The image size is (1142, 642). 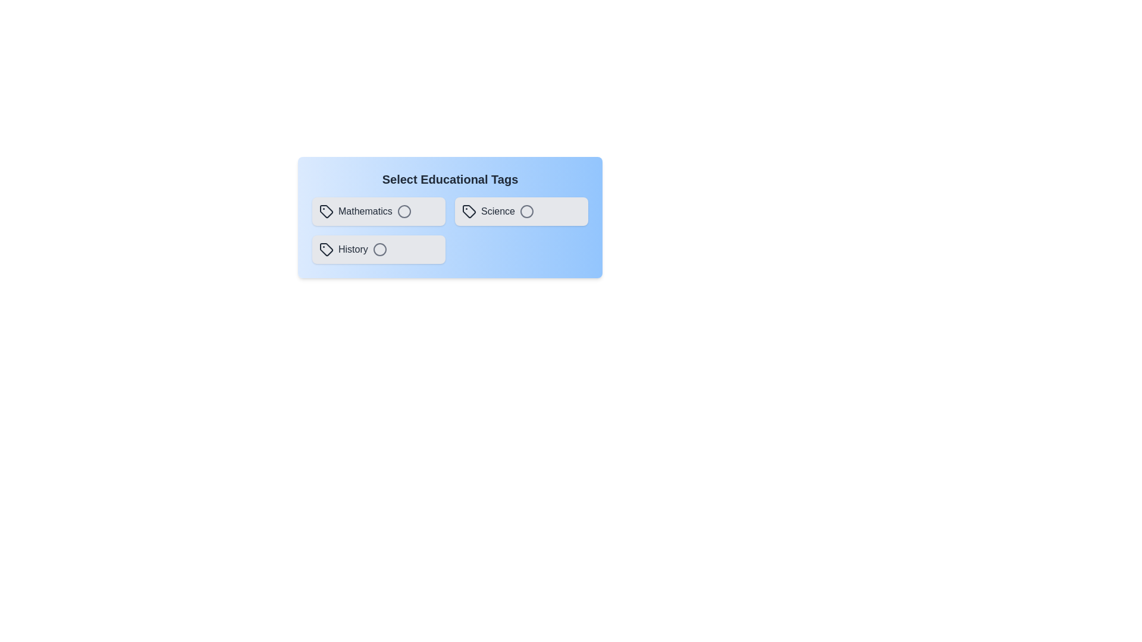 What do you see at coordinates (522, 210) in the screenshot?
I see `the tag Science` at bounding box center [522, 210].